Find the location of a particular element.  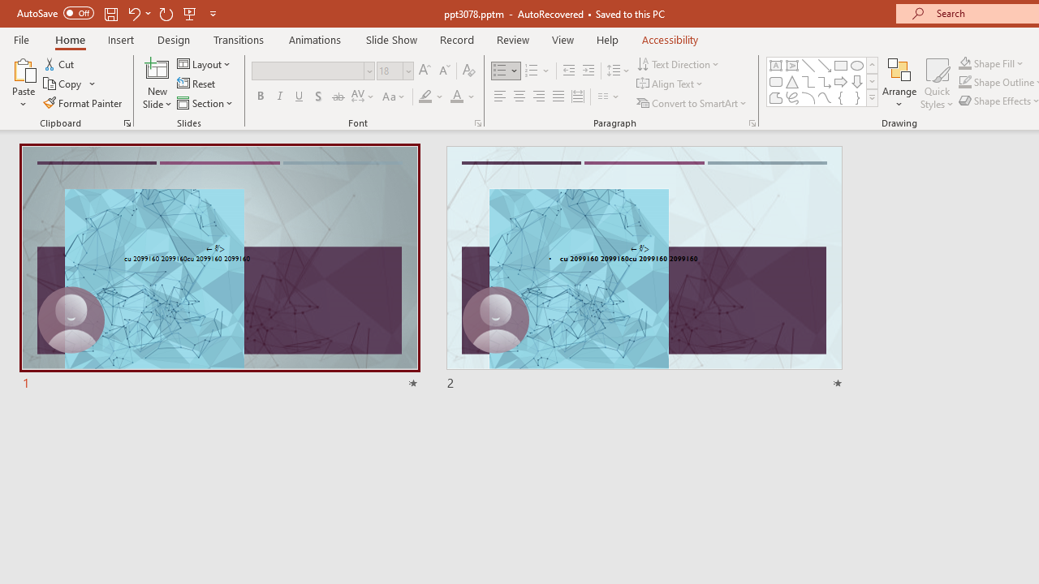

'Connector: Elbow' is located at coordinates (808, 81).